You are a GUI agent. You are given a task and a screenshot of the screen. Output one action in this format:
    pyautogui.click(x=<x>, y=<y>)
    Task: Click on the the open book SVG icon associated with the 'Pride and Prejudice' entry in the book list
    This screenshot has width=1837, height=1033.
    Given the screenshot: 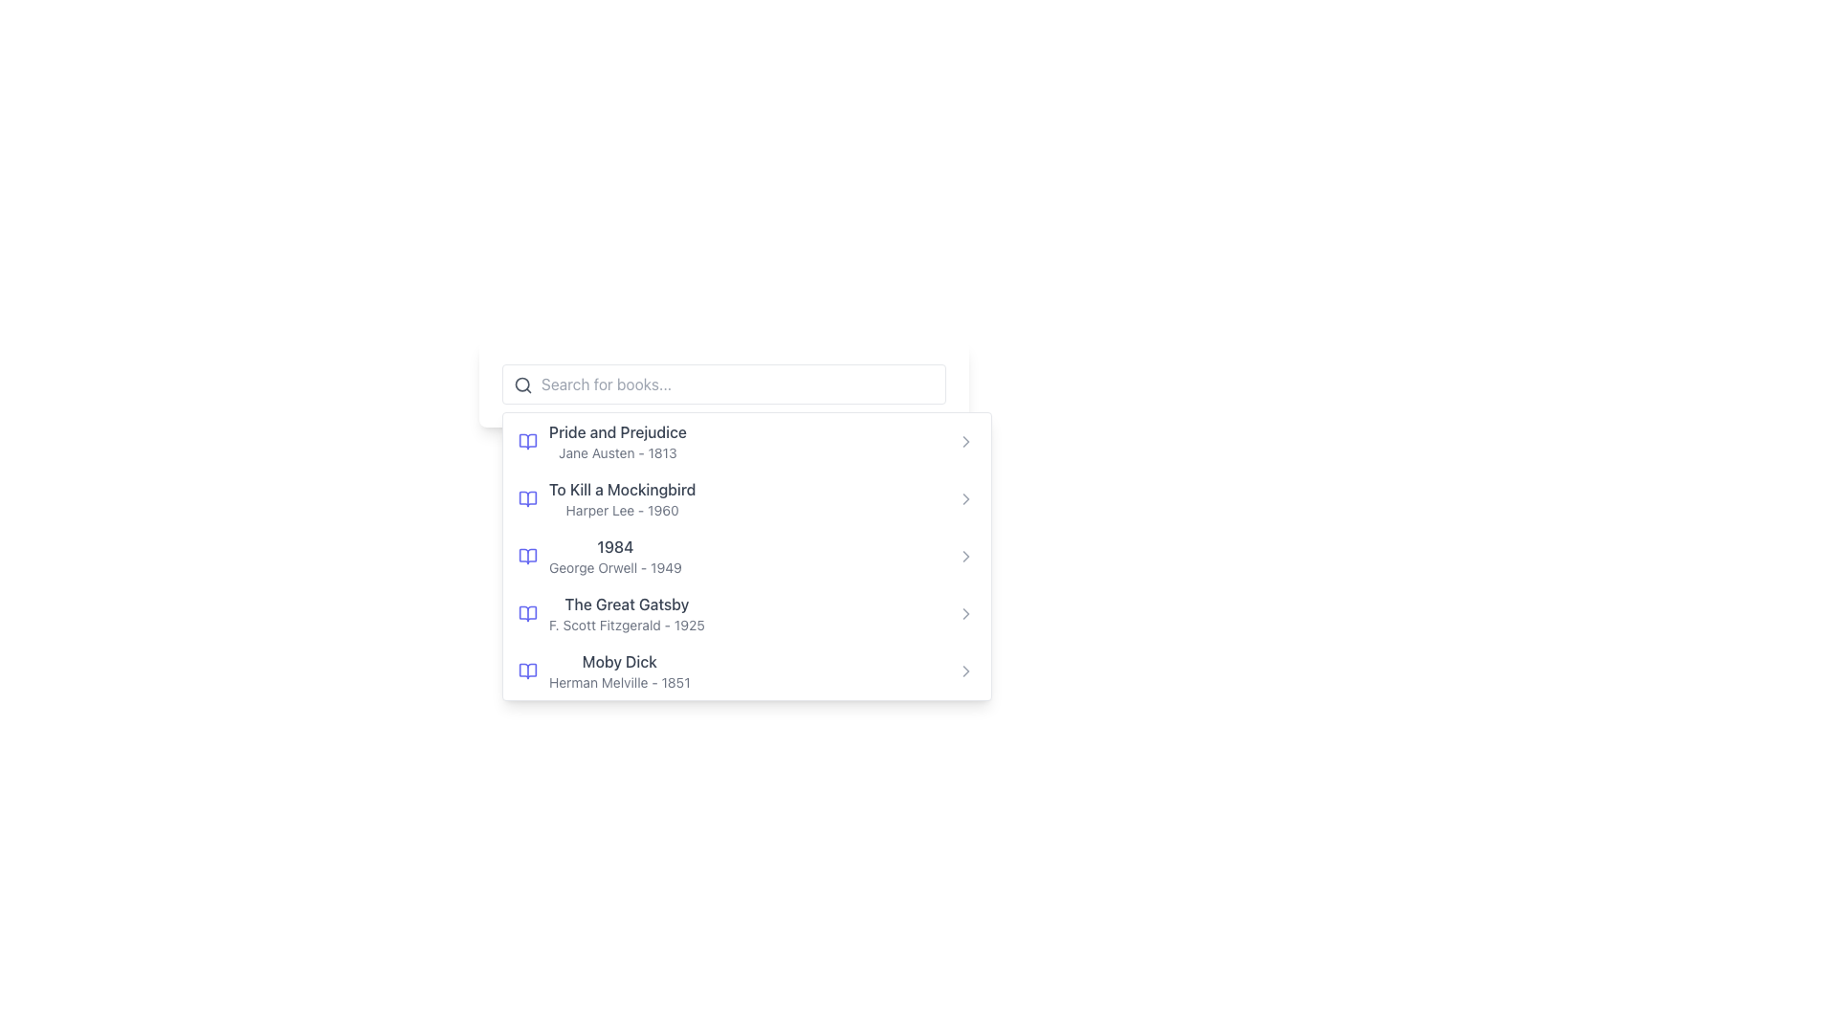 What is the action you would take?
    pyautogui.click(x=528, y=442)
    